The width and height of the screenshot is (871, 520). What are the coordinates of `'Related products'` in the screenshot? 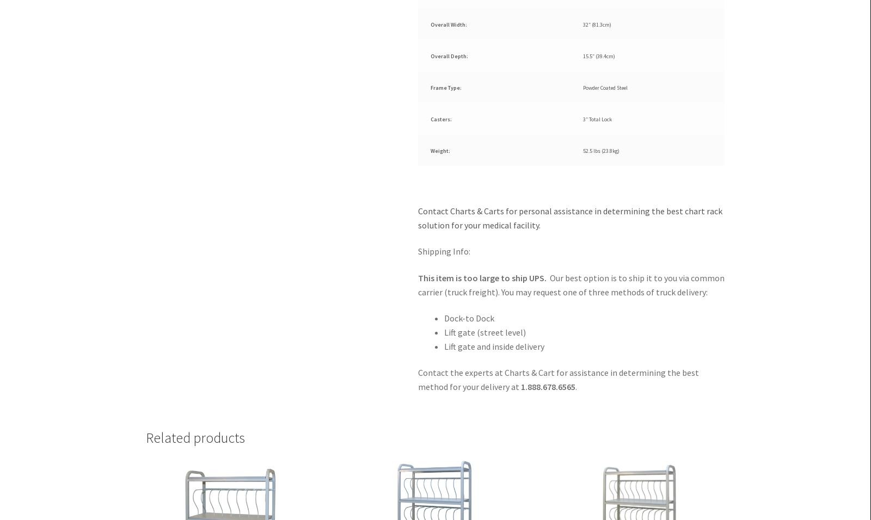 It's located at (195, 436).